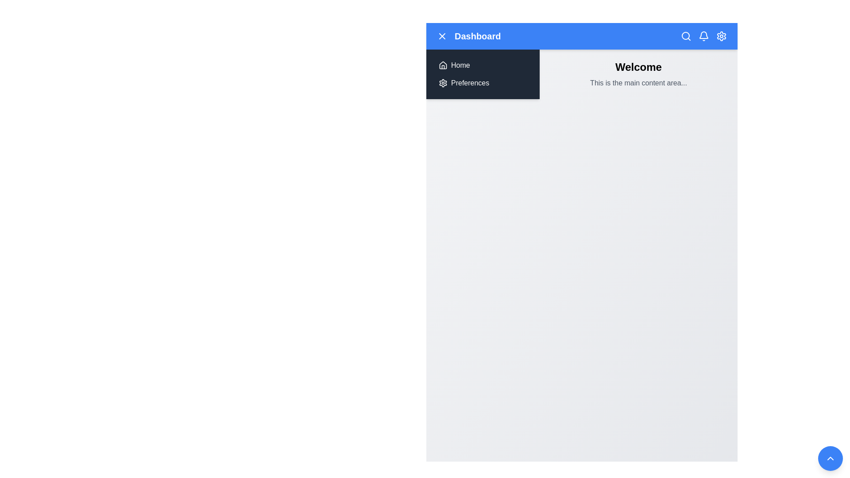  What do you see at coordinates (460, 65) in the screenshot?
I see `the 'Home' Text Label, which is located within the vertical navigation menu on the left side of the interface, situated below a house icon and above the 'Preferences' entry` at bounding box center [460, 65].